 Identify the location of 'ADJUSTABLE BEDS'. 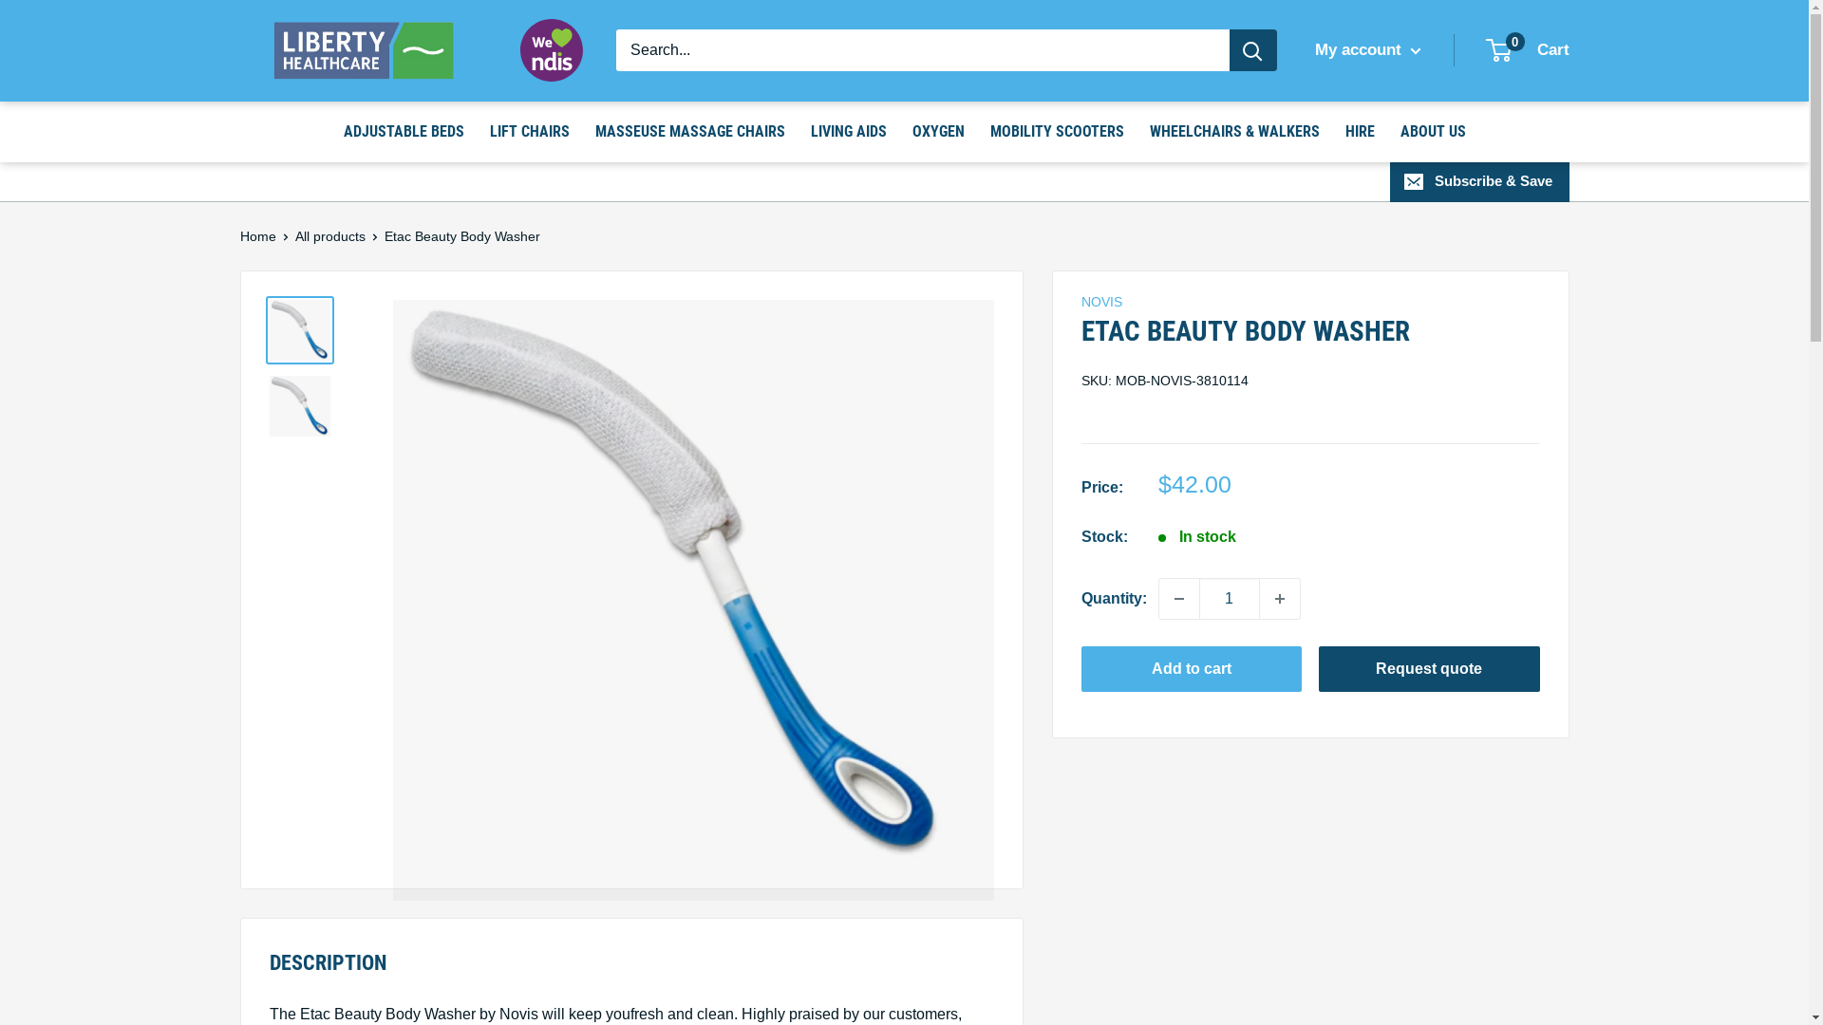
(403, 130).